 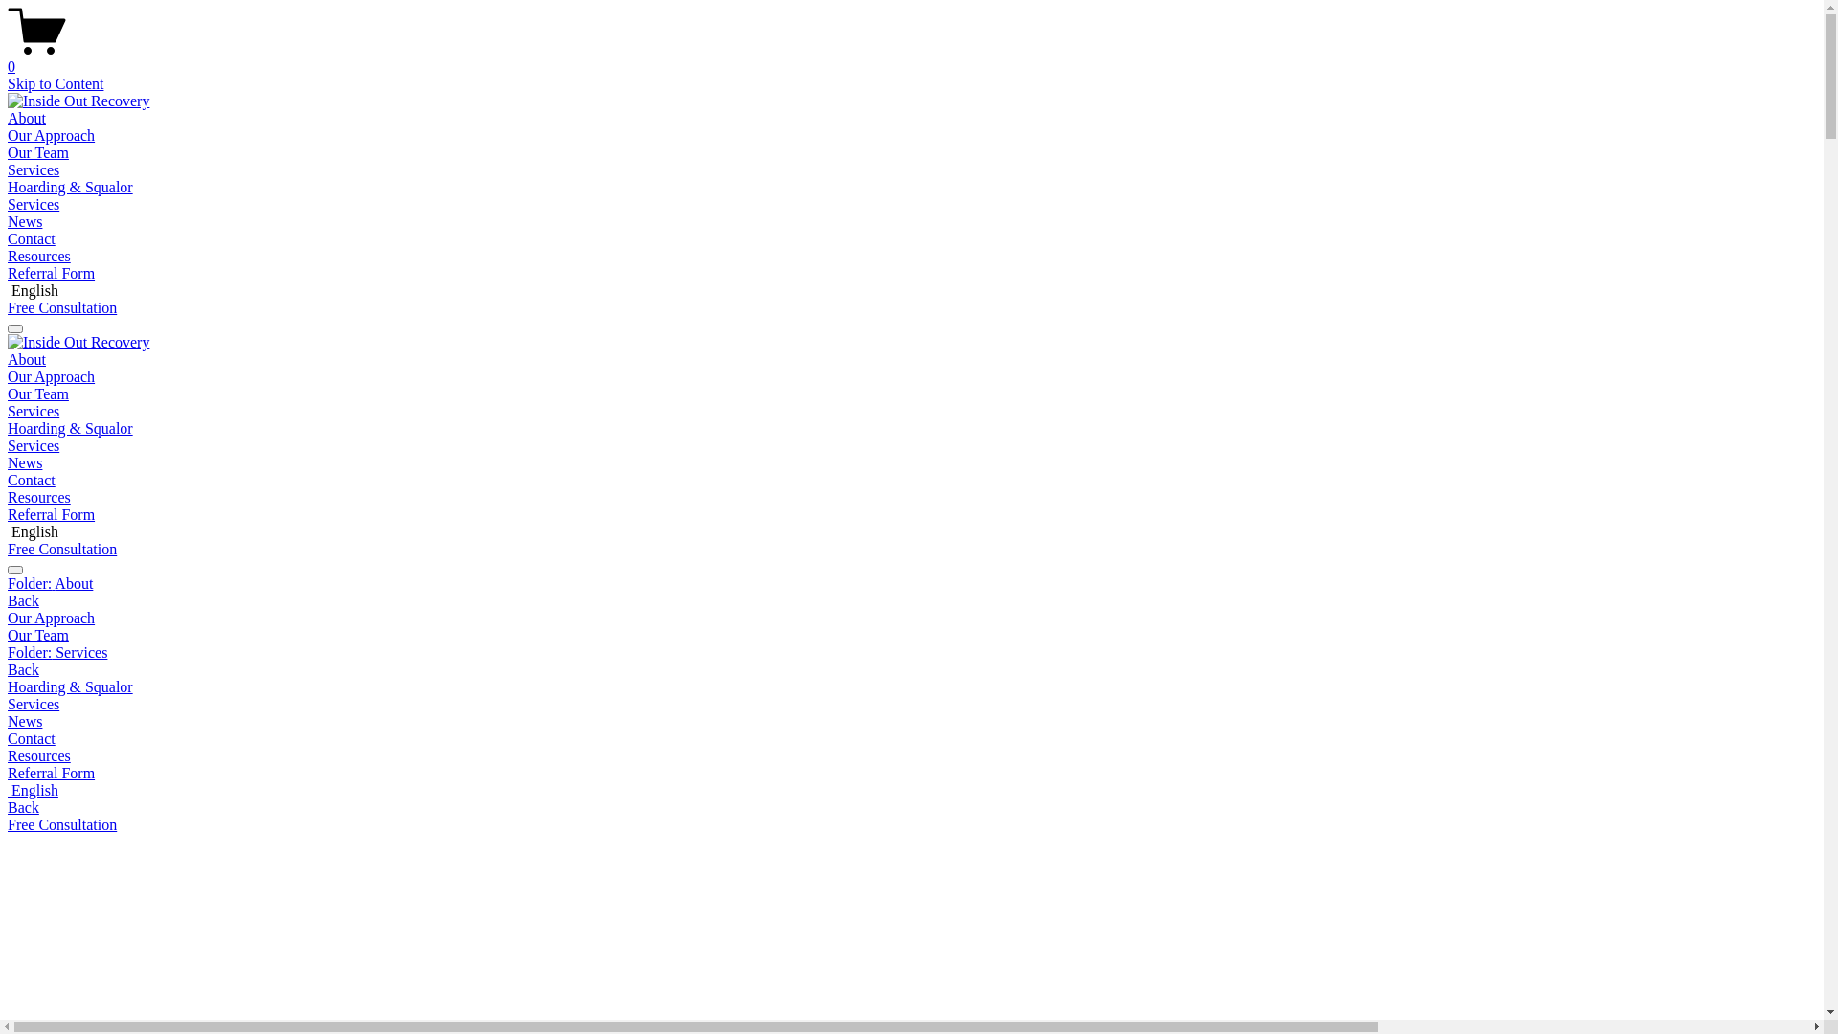 What do you see at coordinates (37, 151) in the screenshot?
I see `'Our Team'` at bounding box center [37, 151].